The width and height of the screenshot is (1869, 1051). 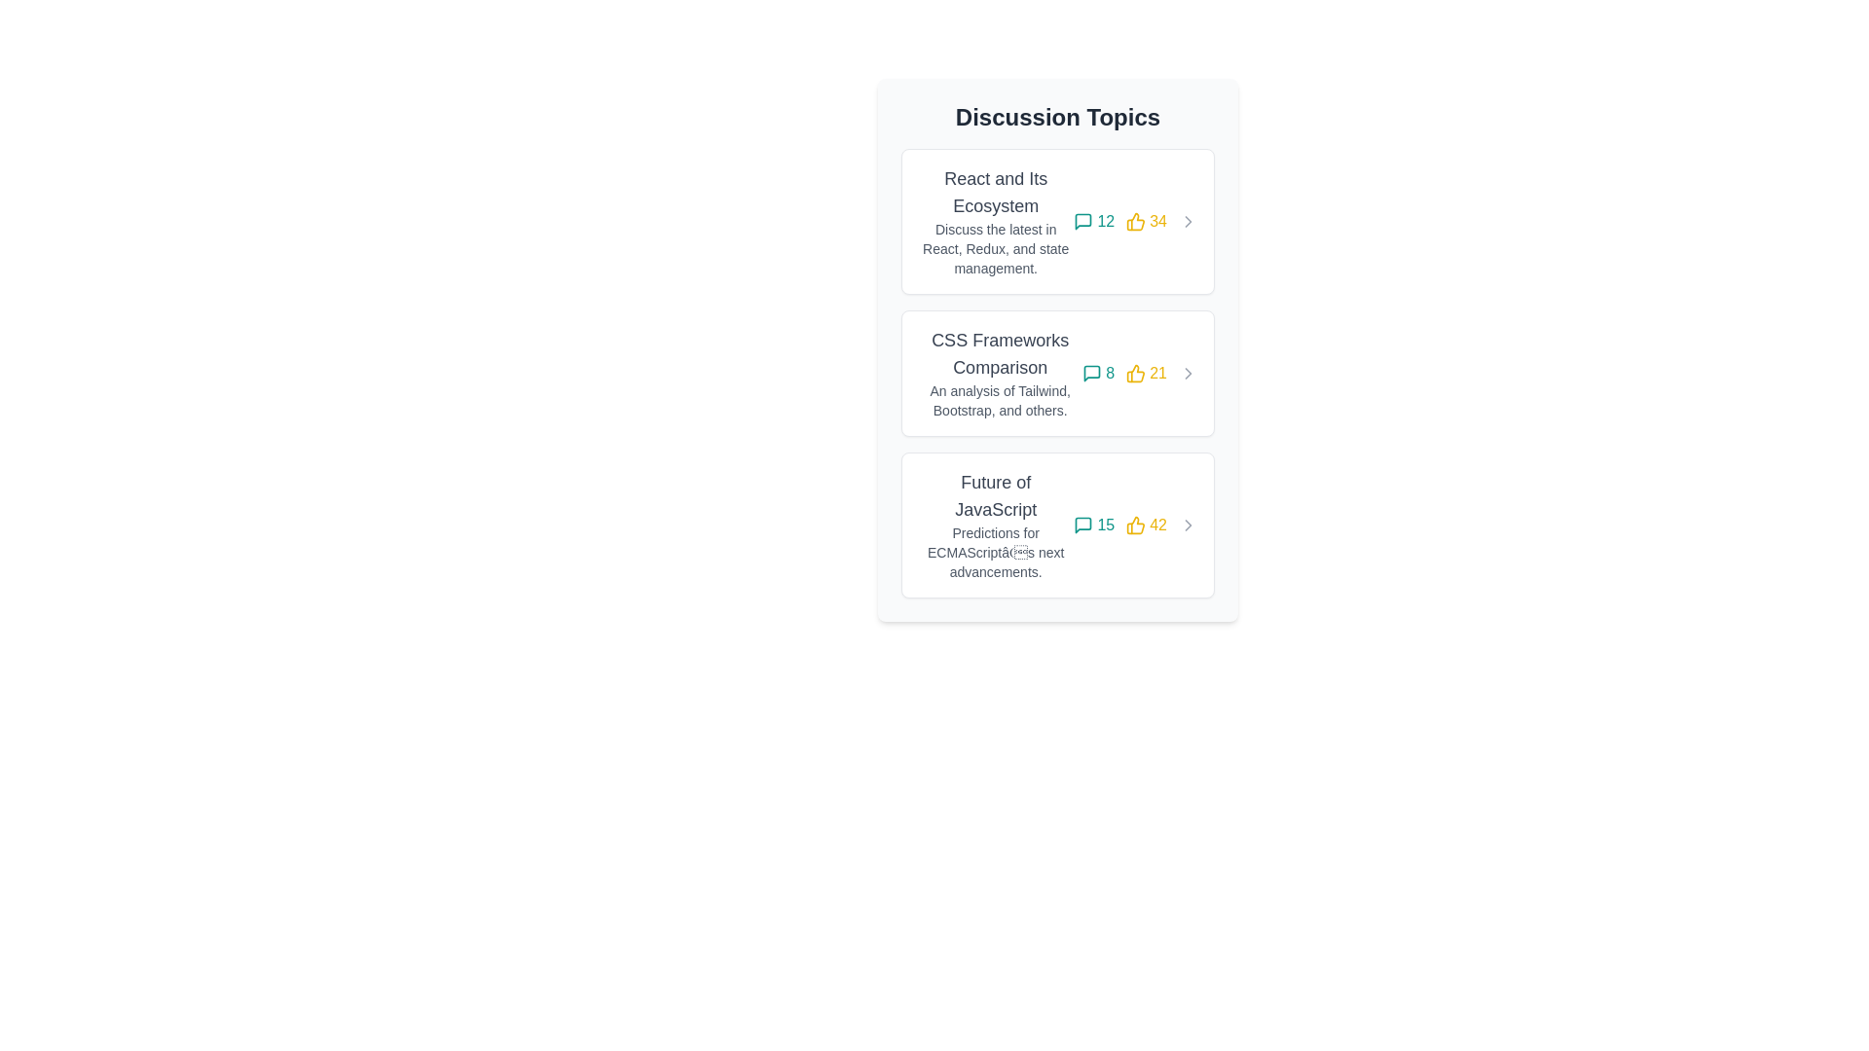 What do you see at coordinates (996, 494) in the screenshot?
I see `the text label that serves as the title for the discussion topic 'Future of JavaScript', which is positioned above the descriptive text in the 'Discussion Topics' list` at bounding box center [996, 494].